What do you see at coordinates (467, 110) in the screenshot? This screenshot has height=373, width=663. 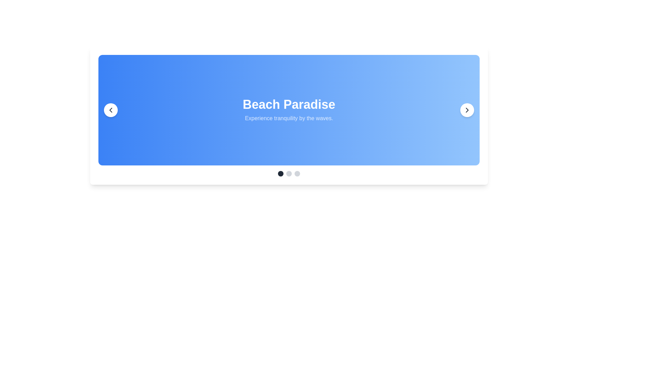 I see `the right-pointing chevron SVG icon with a thin stroke line, located within a circular button on the right side of a blue card interface` at bounding box center [467, 110].